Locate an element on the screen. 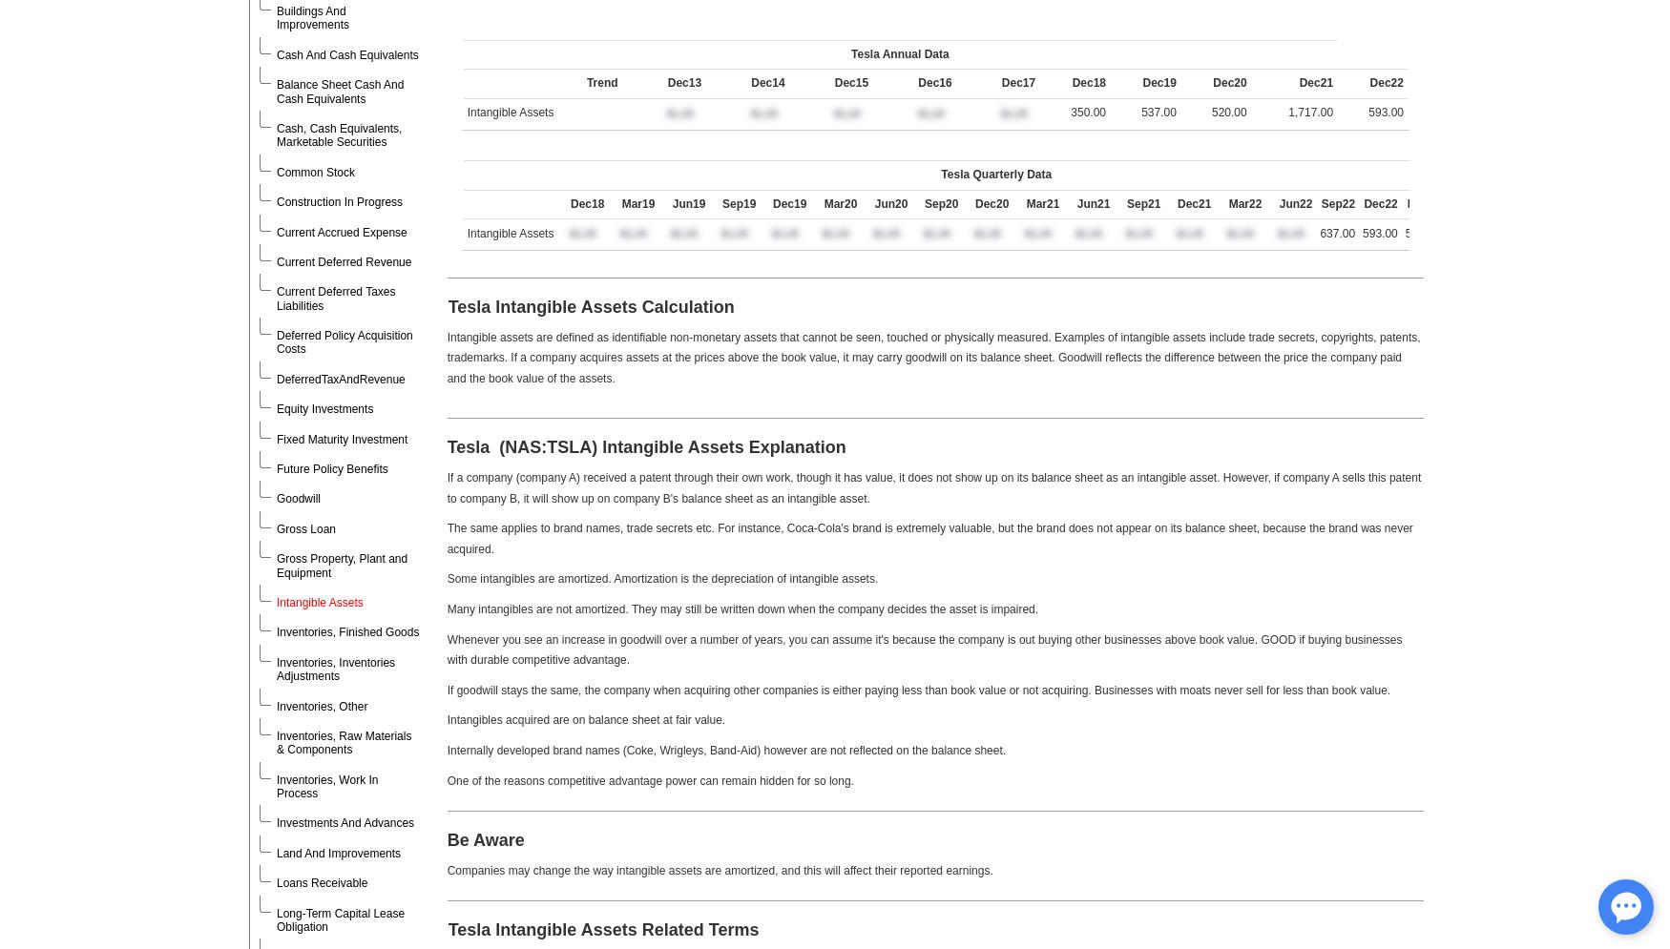 This screenshot has width=1670, height=949. 'Tesla Quarterly Data' is located at coordinates (995, 174).